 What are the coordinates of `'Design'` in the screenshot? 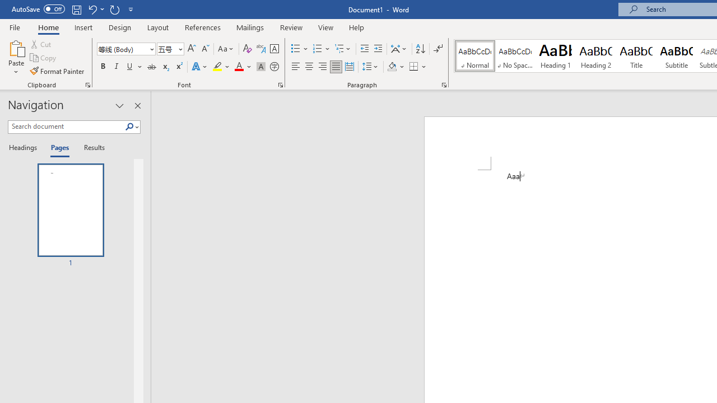 It's located at (120, 27).